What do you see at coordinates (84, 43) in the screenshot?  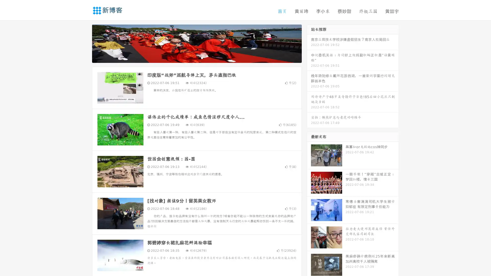 I see `Previous slide` at bounding box center [84, 43].